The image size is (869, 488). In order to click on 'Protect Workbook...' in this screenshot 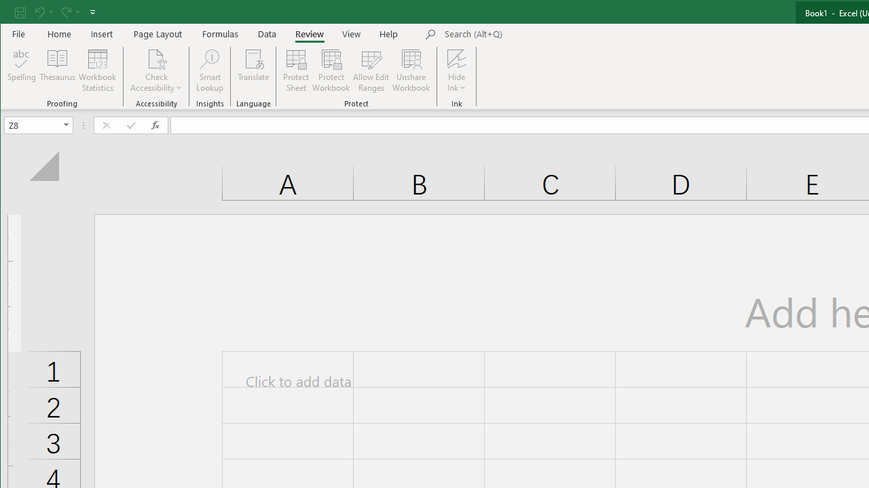, I will do `click(331, 70)`.